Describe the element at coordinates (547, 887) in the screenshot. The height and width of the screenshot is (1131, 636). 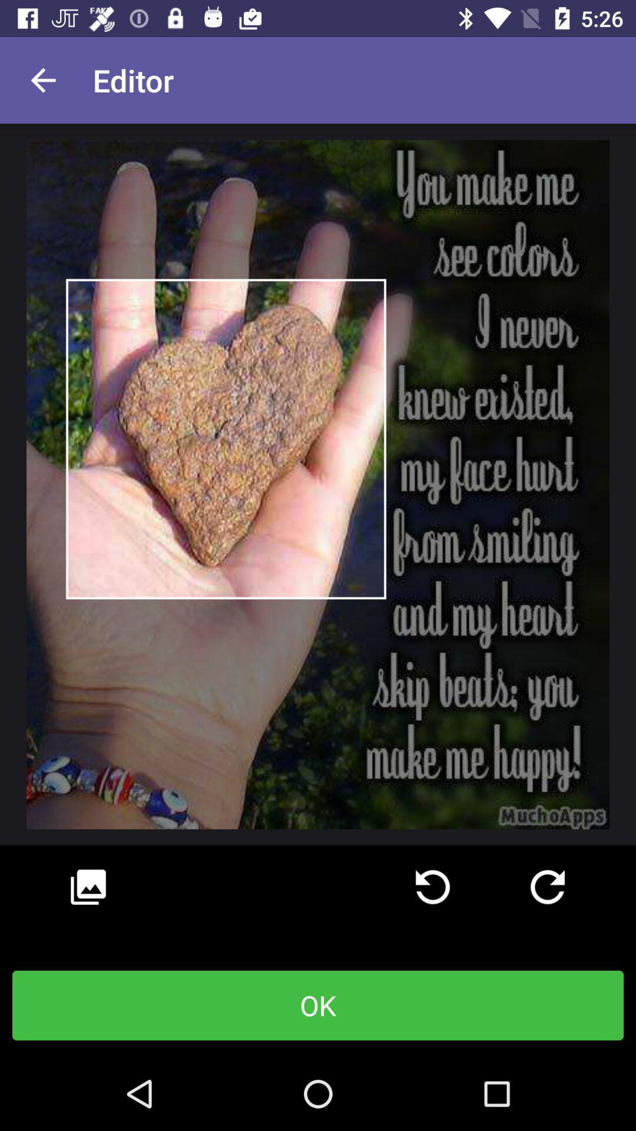
I see `go next` at that location.